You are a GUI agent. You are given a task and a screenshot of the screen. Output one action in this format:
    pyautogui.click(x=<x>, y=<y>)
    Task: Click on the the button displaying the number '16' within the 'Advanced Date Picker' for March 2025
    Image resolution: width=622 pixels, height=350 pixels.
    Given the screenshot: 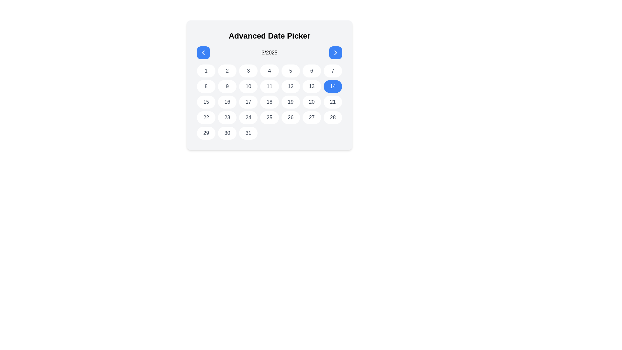 What is the action you would take?
    pyautogui.click(x=227, y=102)
    